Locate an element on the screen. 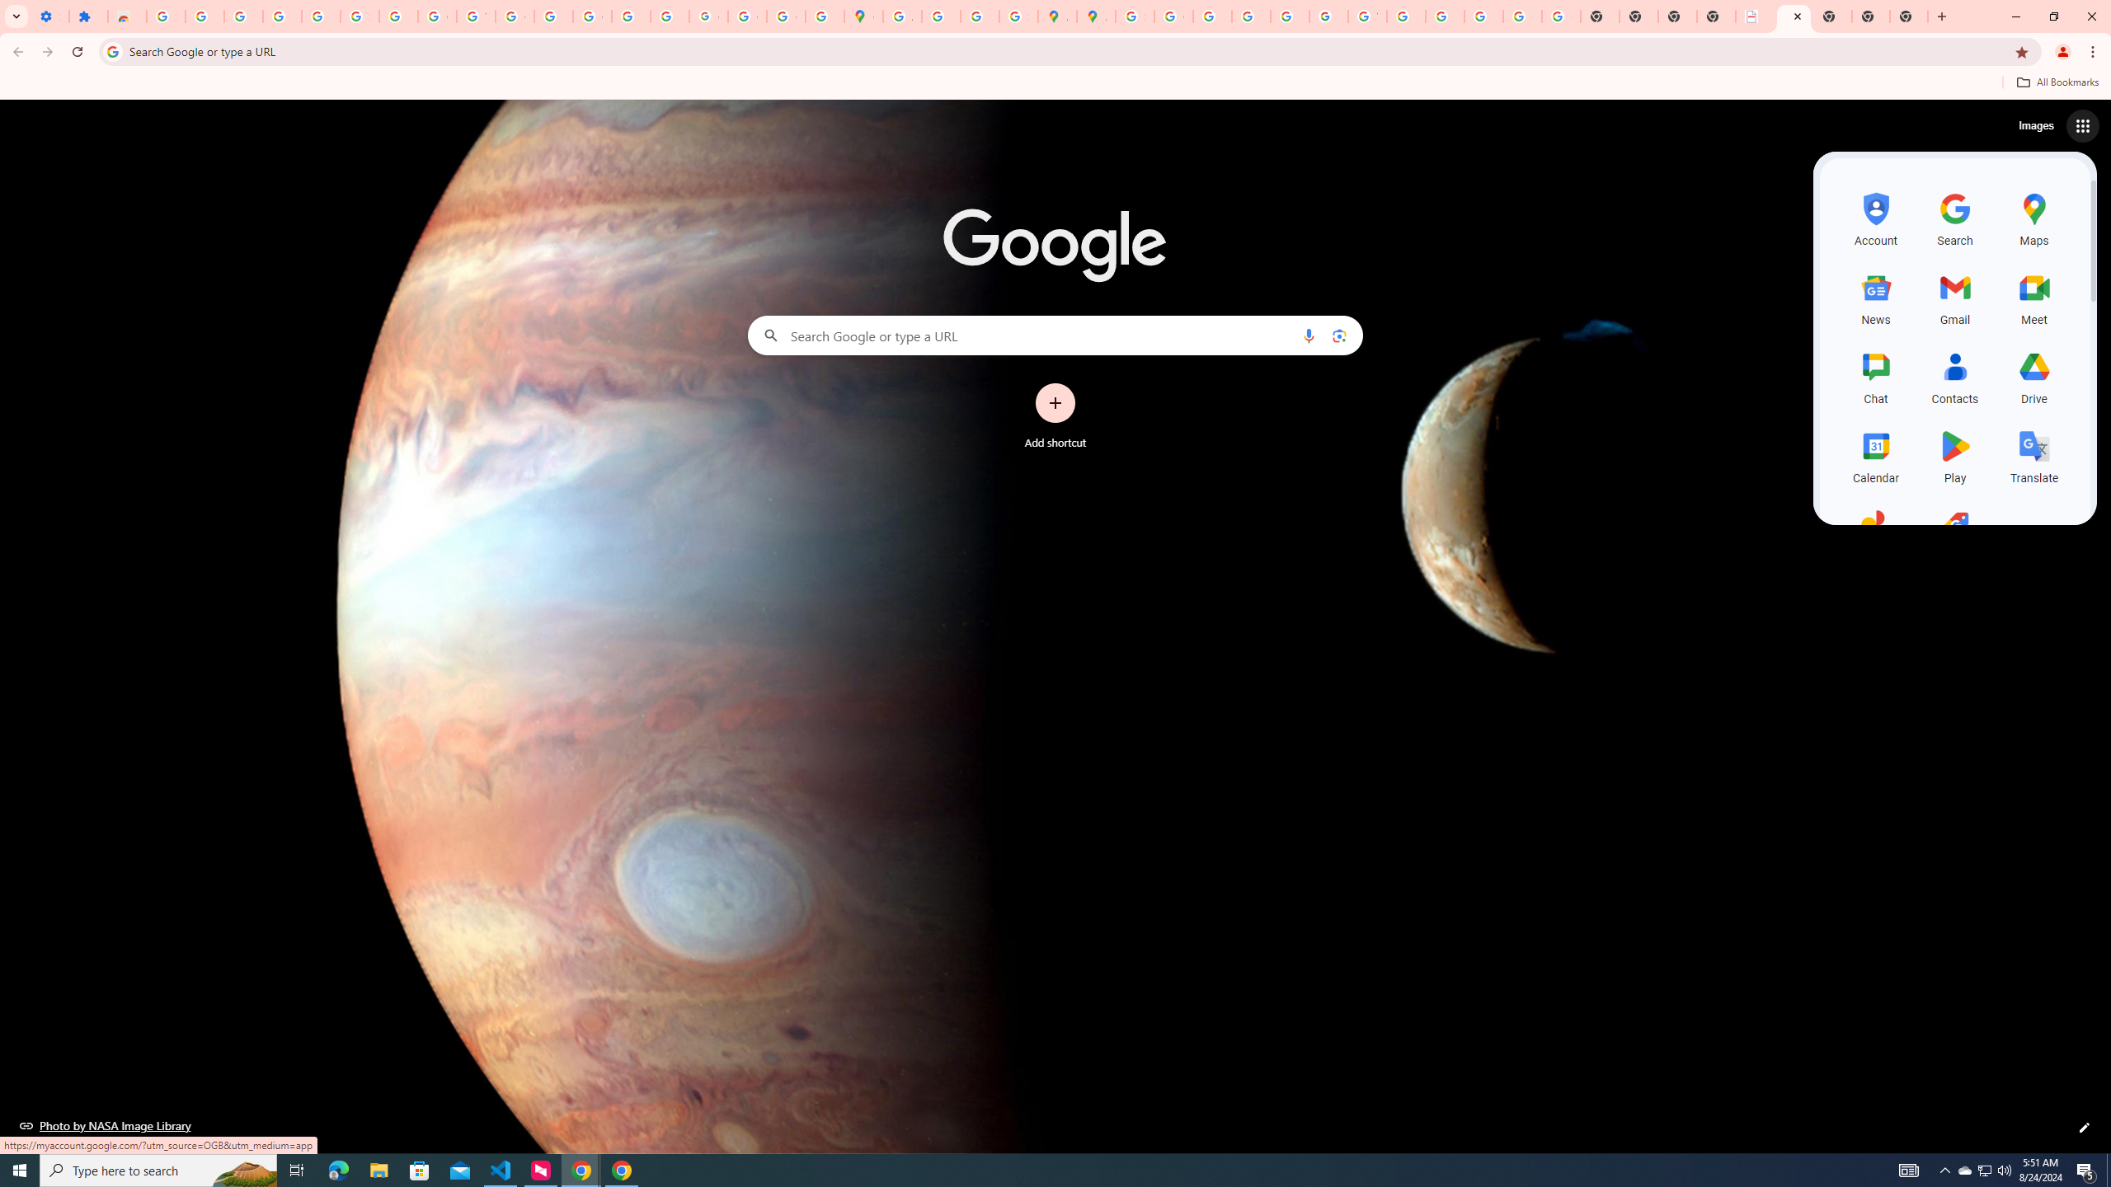 Image resolution: width=2111 pixels, height=1187 pixels. 'Drive, row 3 of 5 and column 3 of 3 in the first section' is located at coordinates (2033, 375).